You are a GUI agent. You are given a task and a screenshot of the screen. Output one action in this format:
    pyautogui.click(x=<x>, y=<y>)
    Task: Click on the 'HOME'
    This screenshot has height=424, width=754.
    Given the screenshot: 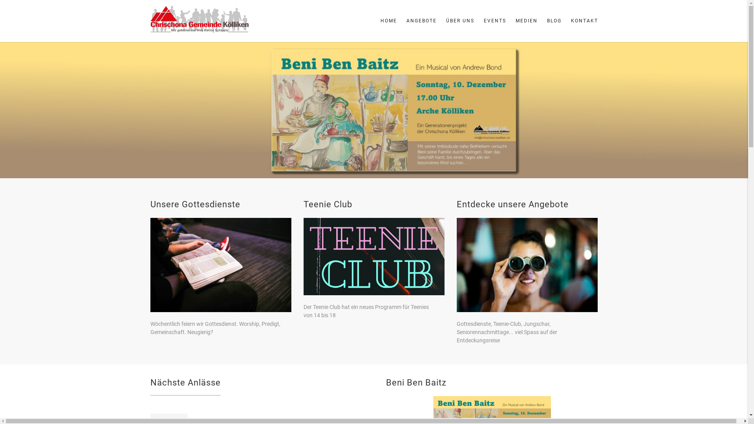 What is the action you would take?
    pyautogui.click(x=388, y=20)
    